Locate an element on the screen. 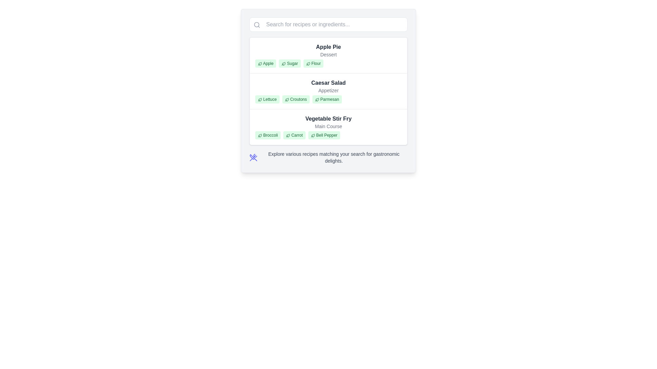 The height and width of the screenshot is (369, 657). the text input box with placeholder text 'Search for recipes or ingredients...' is located at coordinates (328, 24).